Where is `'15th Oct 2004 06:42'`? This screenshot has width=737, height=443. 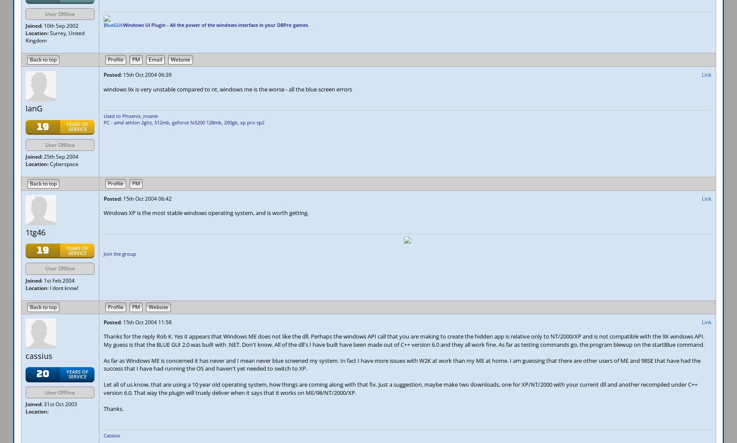
'15th Oct 2004 06:42' is located at coordinates (146, 198).